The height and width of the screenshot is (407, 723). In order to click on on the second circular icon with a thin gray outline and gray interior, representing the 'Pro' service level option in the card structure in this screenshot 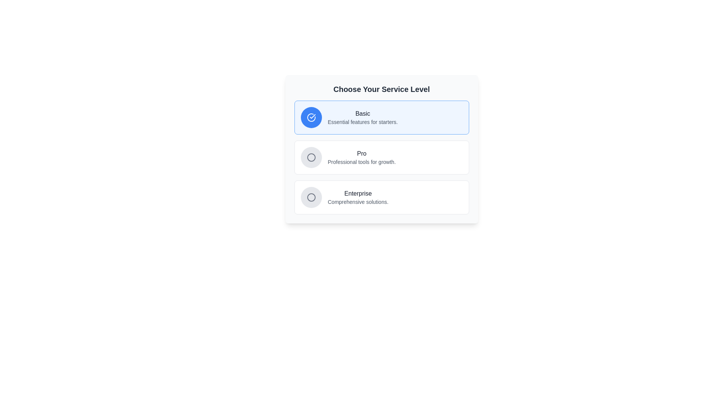, I will do `click(311, 157)`.